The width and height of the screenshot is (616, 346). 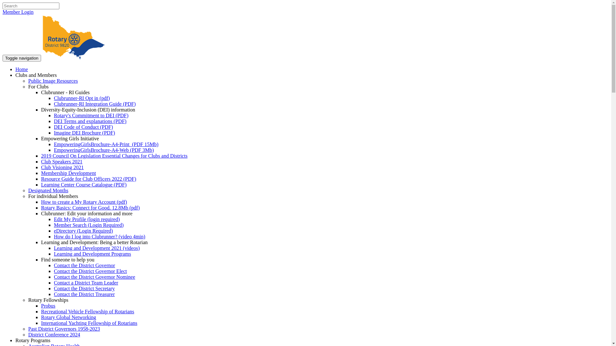 What do you see at coordinates (38, 86) in the screenshot?
I see `'For Clubs'` at bounding box center [38, 86].